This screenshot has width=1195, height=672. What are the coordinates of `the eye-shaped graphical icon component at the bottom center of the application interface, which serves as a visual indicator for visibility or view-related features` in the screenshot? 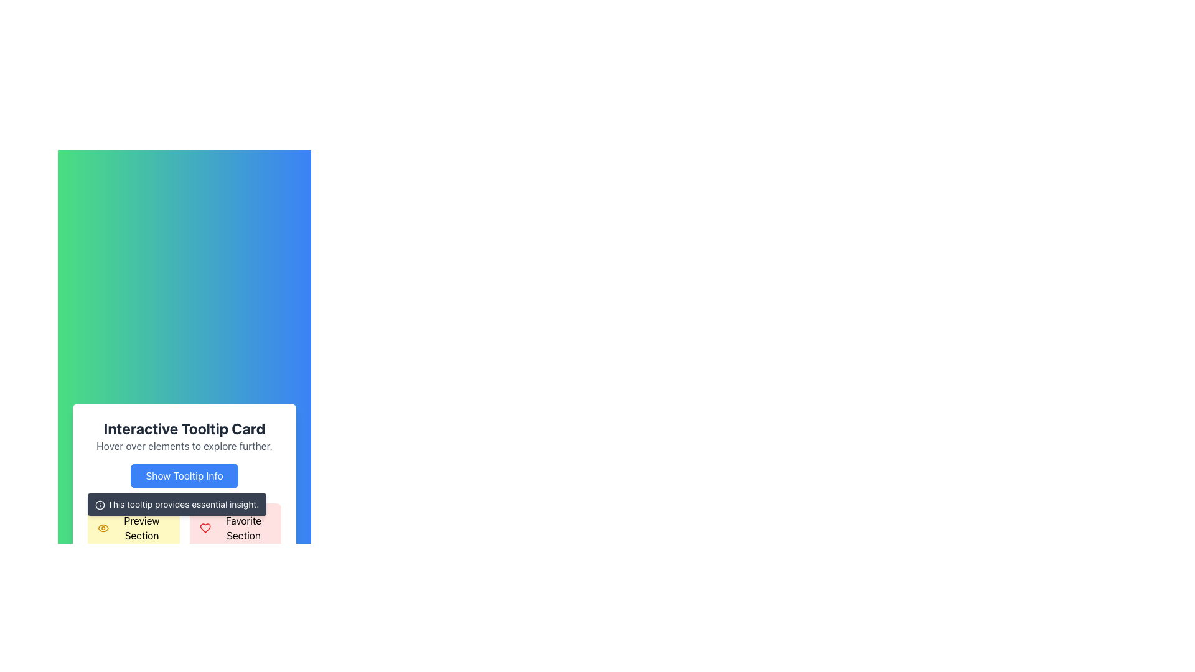 It's located at (103, 528).